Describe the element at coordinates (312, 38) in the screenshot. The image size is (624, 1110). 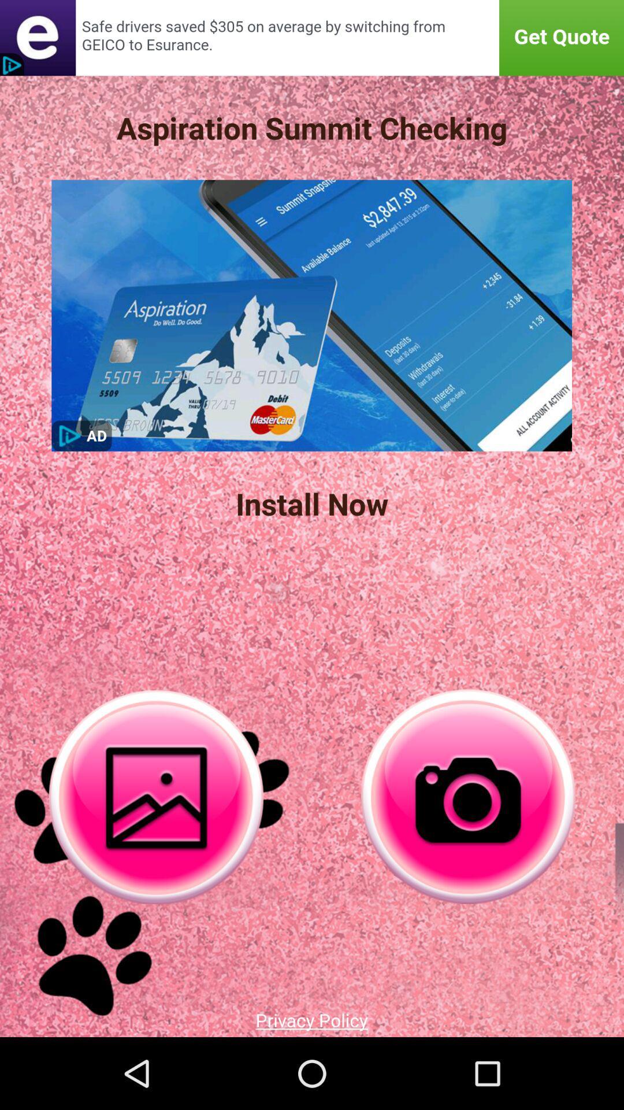
I see `an advertisement` at that location.